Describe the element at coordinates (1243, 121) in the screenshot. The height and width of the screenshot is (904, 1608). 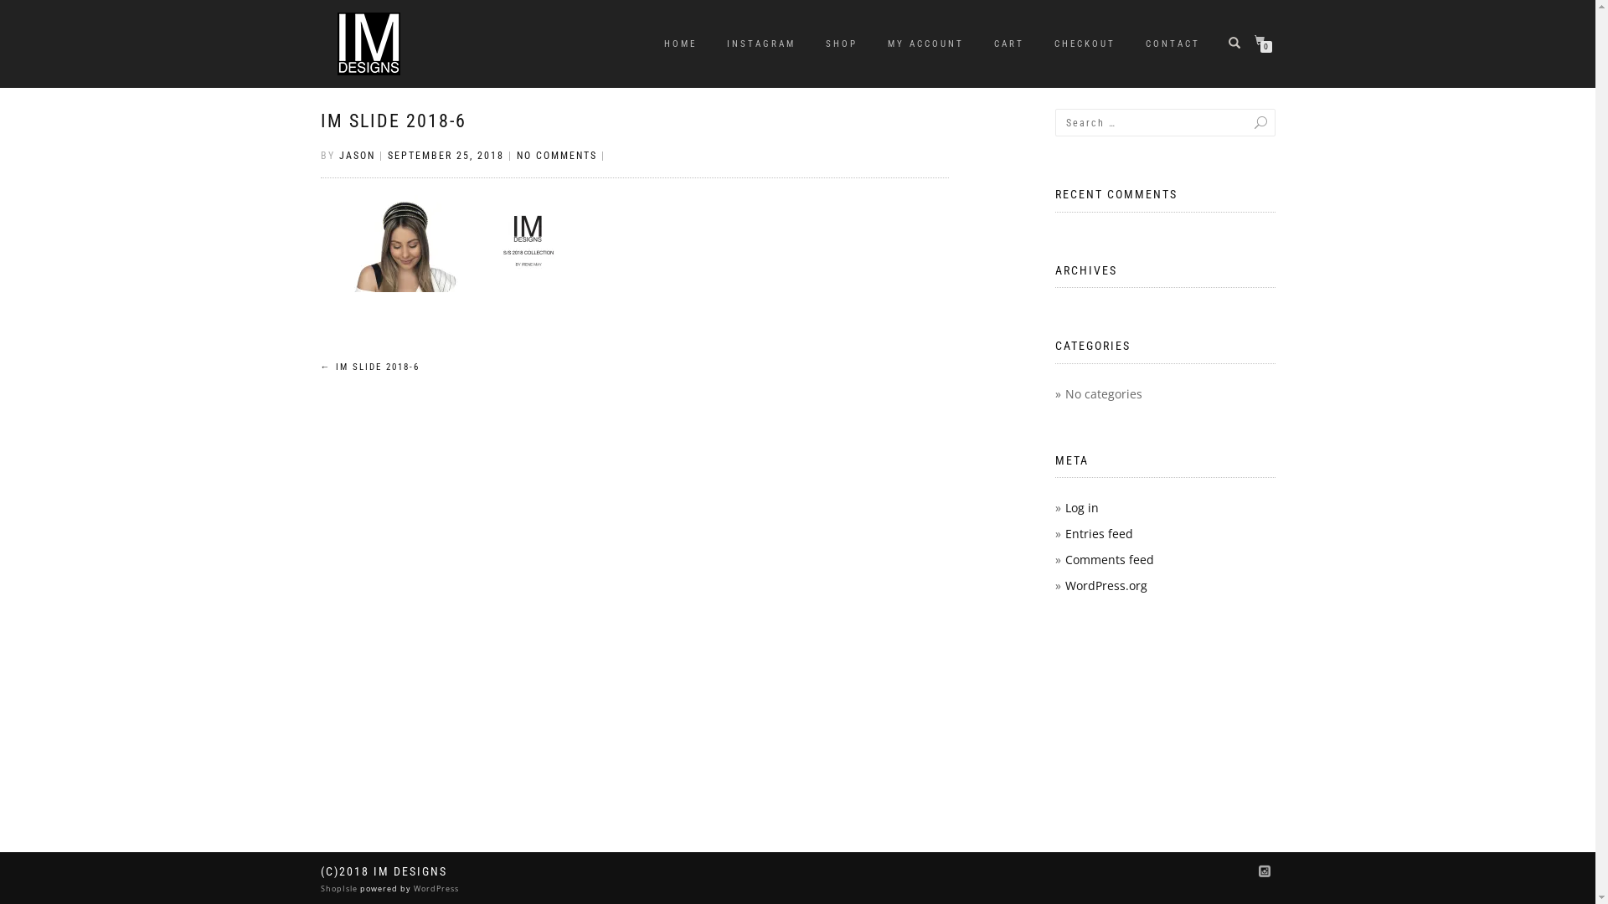
I see `'Search'` at that location.